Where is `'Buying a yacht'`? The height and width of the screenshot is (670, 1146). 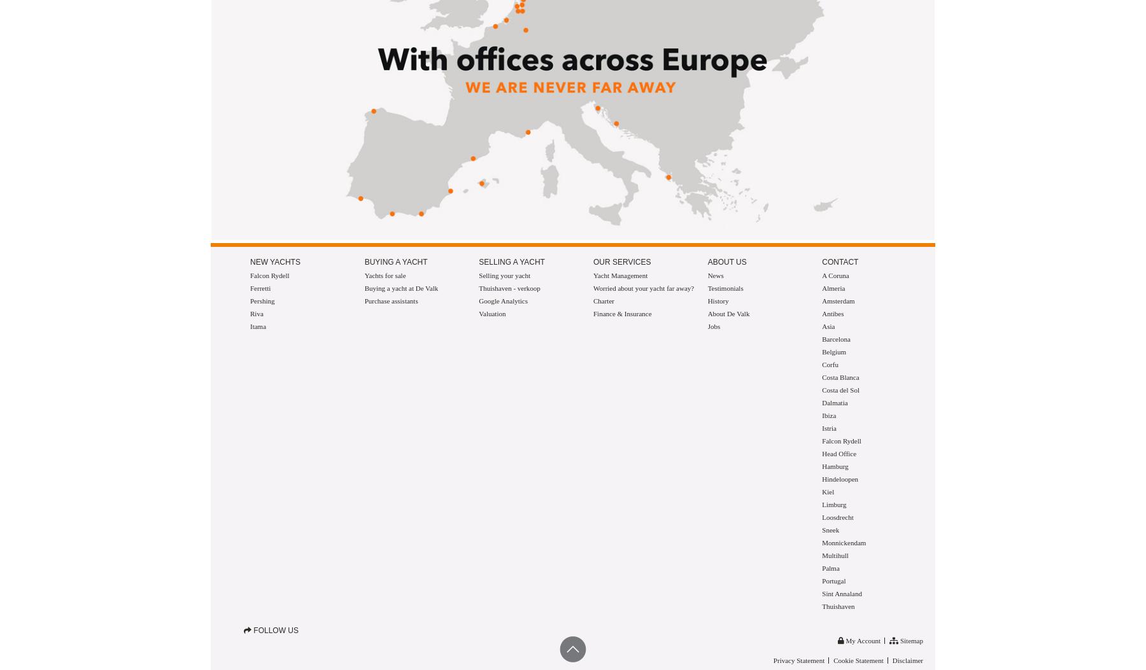
'Buying a yacht' is located at coordinates (395, 261).